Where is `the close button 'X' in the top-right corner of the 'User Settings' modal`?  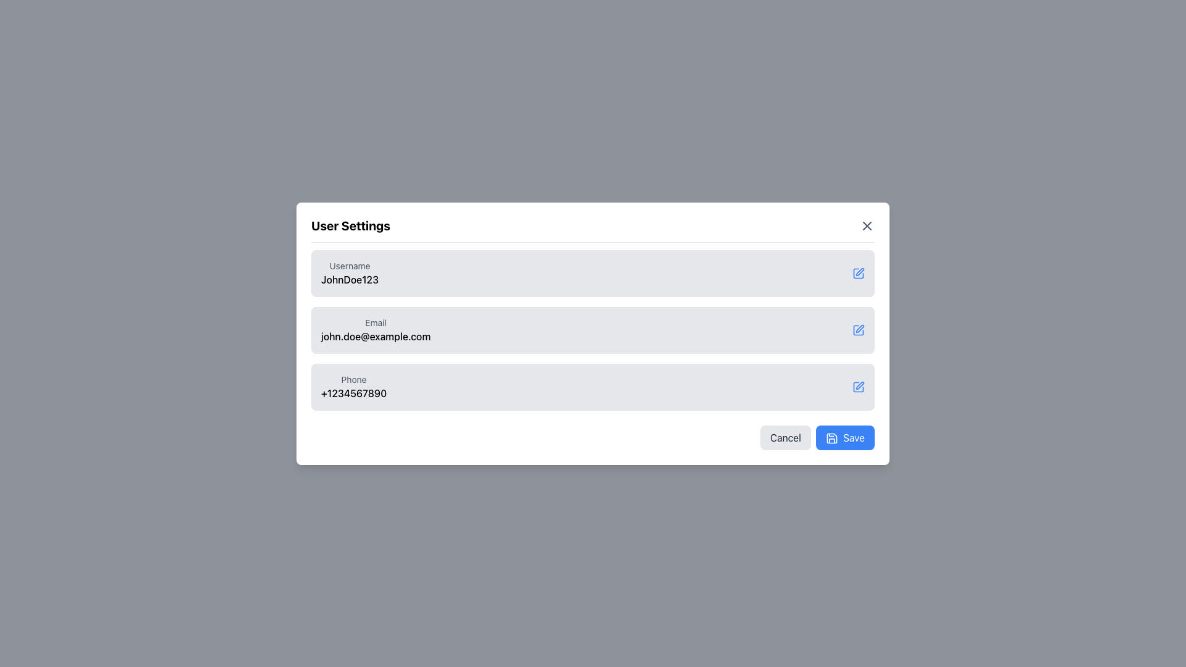
the close button 'X' in the top-right corner of the 'User Settings' modal is located at coordinates (866, 225).